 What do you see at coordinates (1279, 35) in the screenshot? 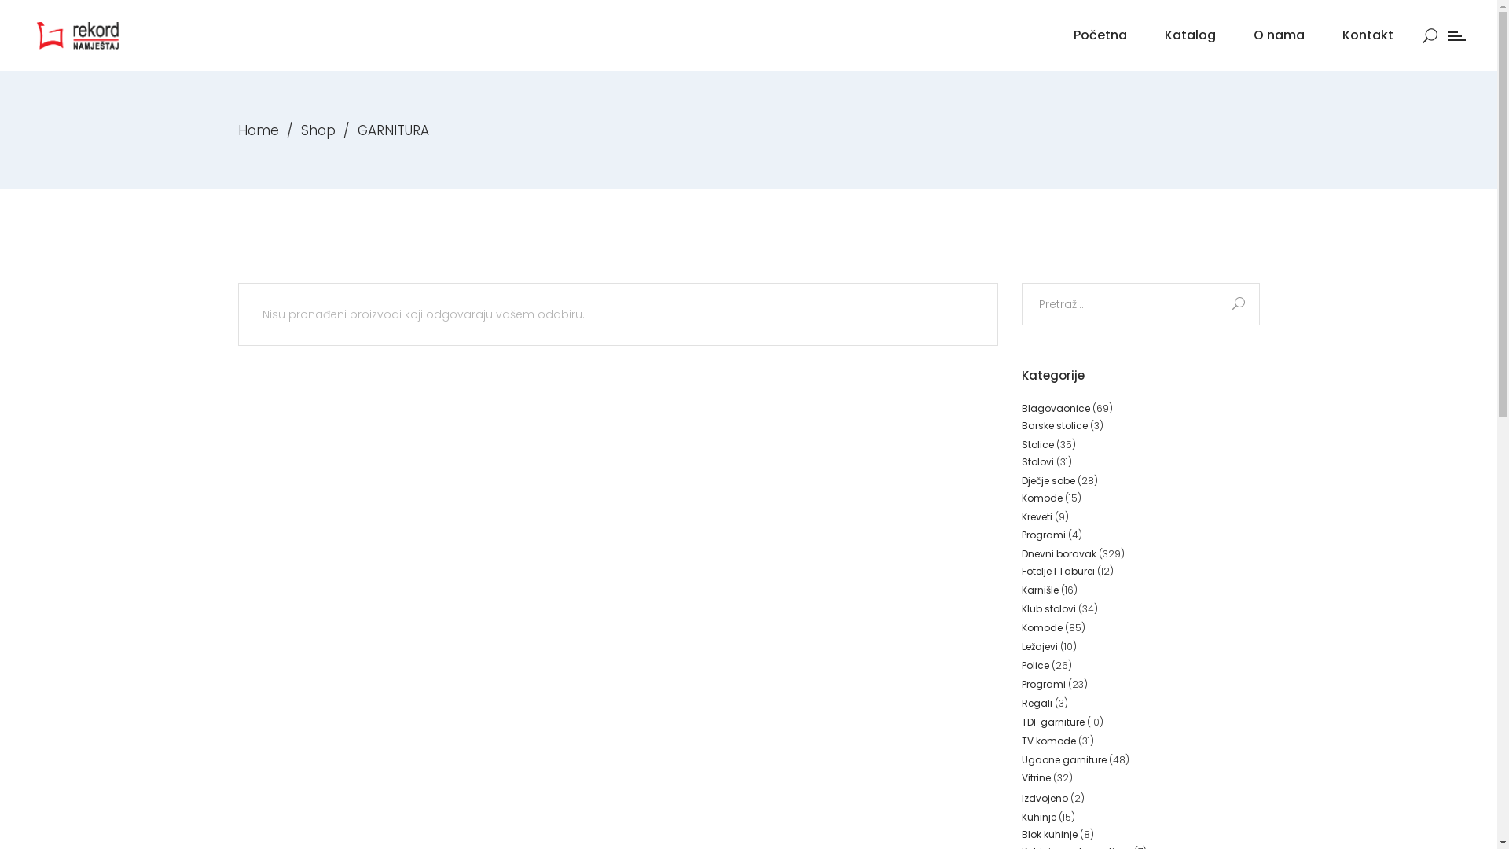
I see `'O nama'` at bounding box center [1279, 35].